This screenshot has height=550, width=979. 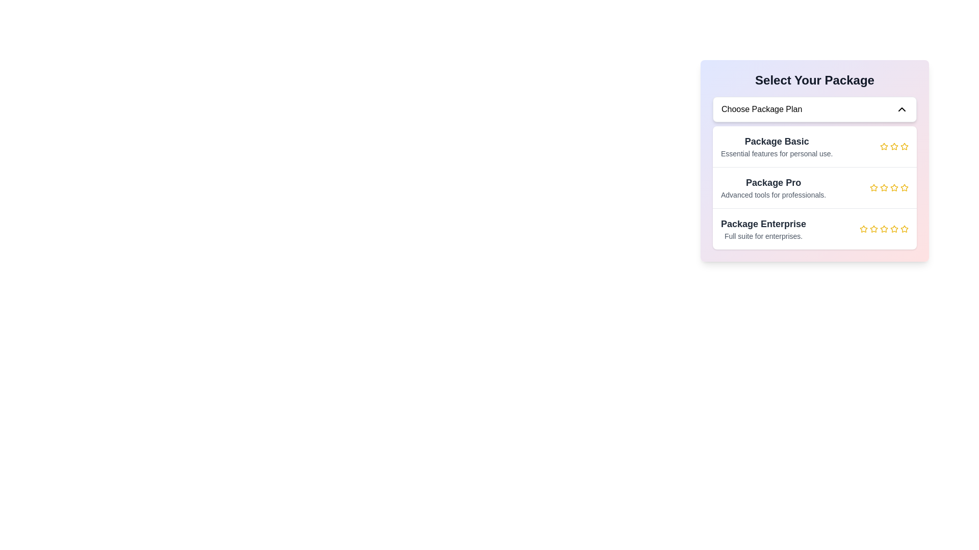 I want to click on the Rating star icon located at the far right of the first row of the package list to rate it, so click(x=893, y=146).